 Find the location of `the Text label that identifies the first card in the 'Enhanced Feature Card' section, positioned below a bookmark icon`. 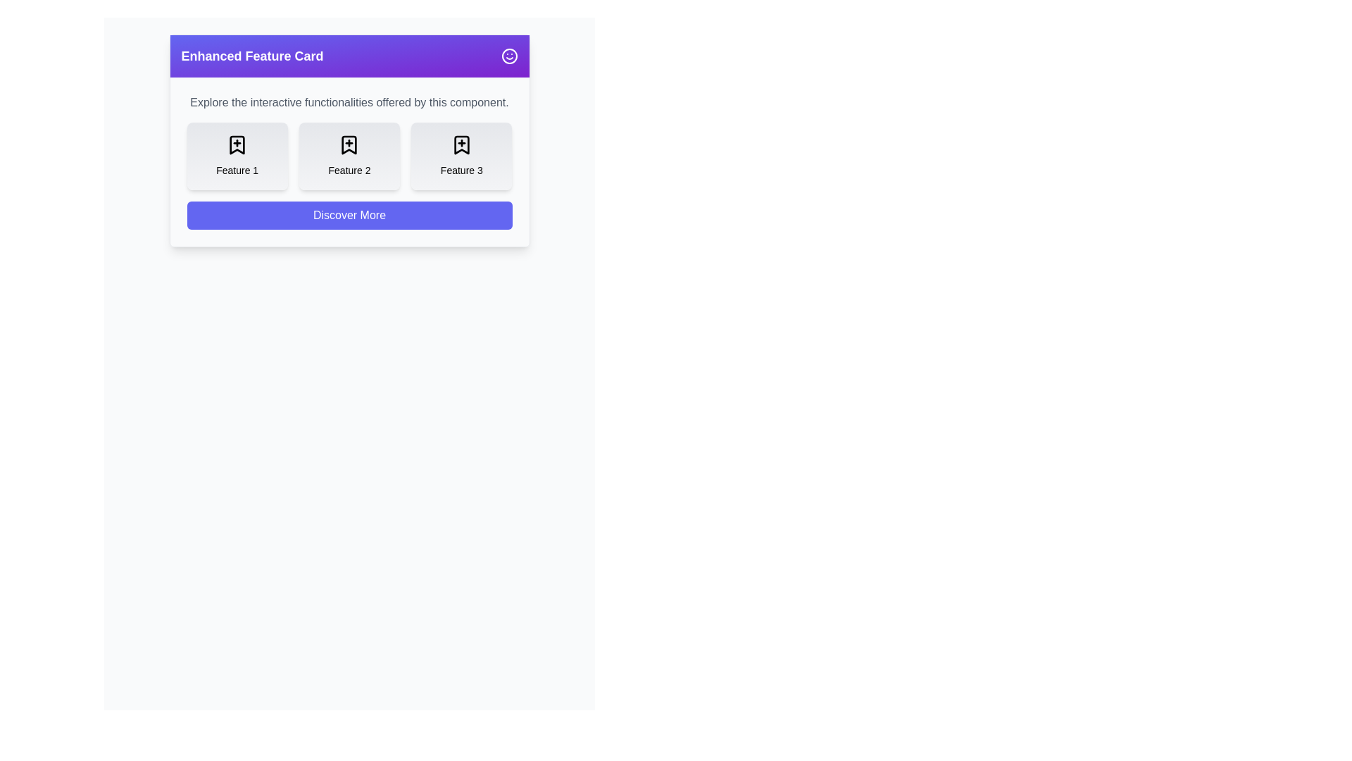

the Text label that identifies the first card in the 'Enhanced Feature Card' section, positioned below a bookmark icon is located at coordinates (237, 170).